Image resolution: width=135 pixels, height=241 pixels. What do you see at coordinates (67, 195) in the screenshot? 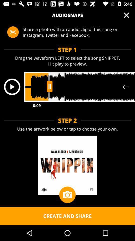
I see `the photo icon` at bounding box center [67, 195].